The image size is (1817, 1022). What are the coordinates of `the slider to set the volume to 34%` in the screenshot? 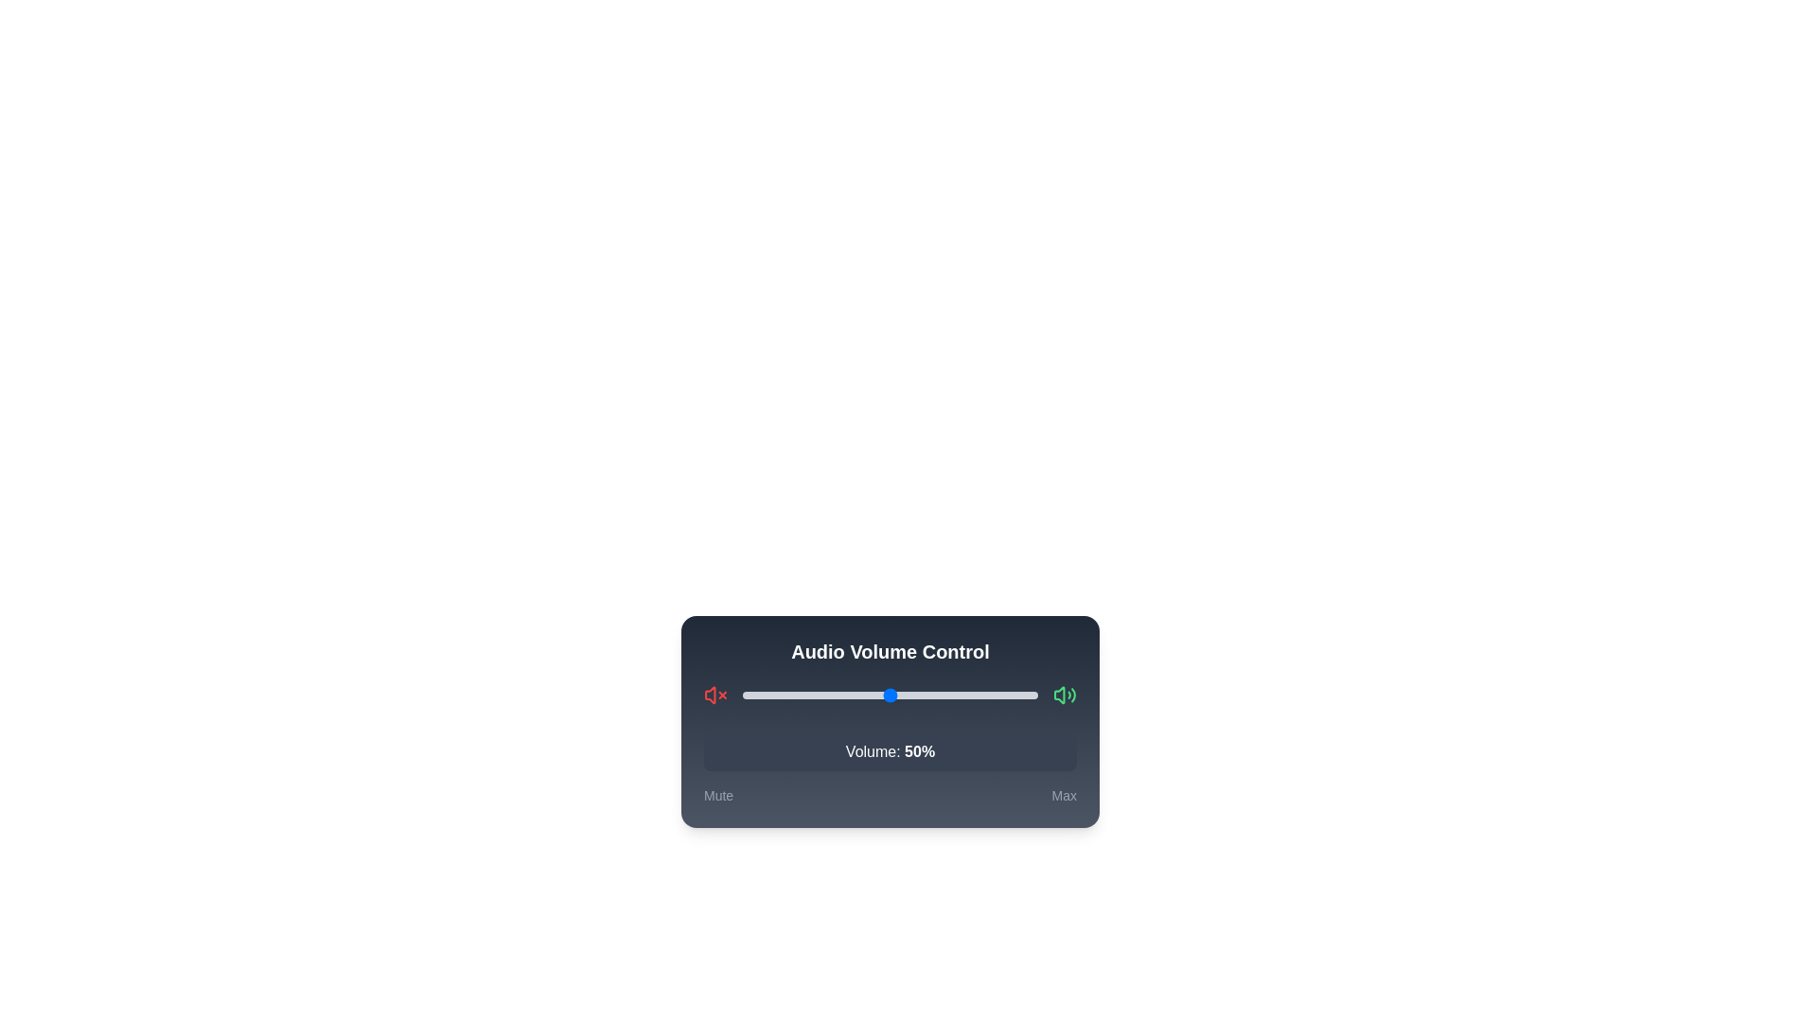 It's located at (841, 696).